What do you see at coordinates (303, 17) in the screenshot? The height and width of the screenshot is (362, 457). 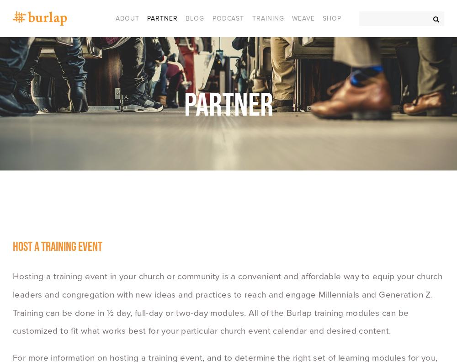 I see `'Weave'` at bounding box center [303, 17].